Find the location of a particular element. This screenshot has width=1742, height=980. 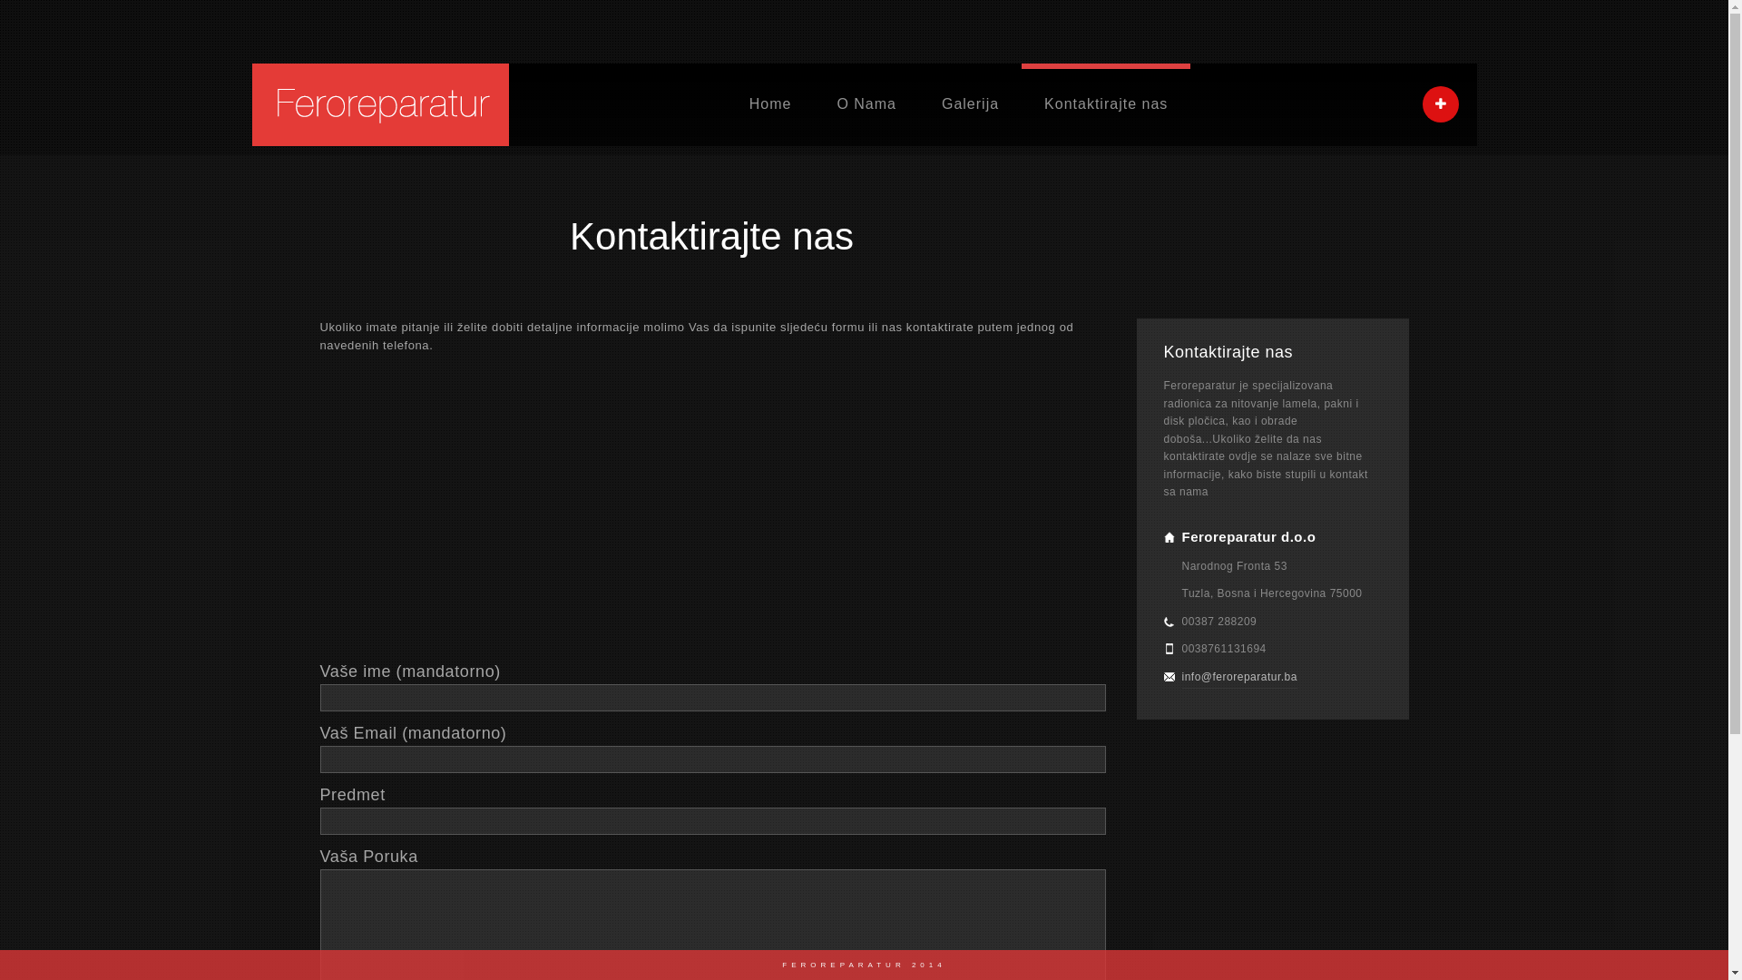

'Galerija' is located at coordinates (969, 104).